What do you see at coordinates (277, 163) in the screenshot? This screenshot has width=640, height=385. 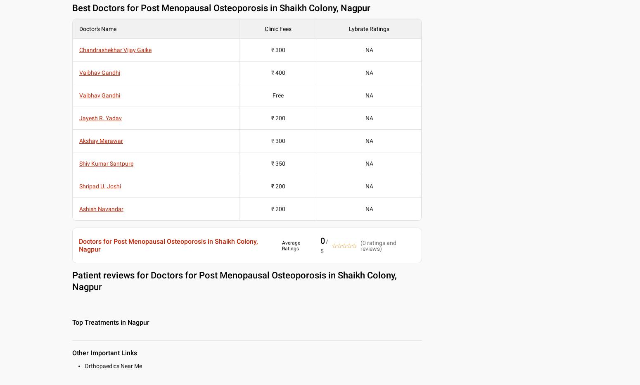 I see `'₹ 350'` at bounding box center [277, 163].